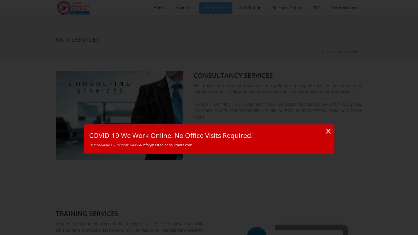 The height and width of the screenshot is (235, 418). Describe the element at coordinates (278, 88) in the screenshot. I see `'We provide professional assistance and guidance to organizations in documentation, implementation, certification and maintenance of all major international standards i.e'` at that location.